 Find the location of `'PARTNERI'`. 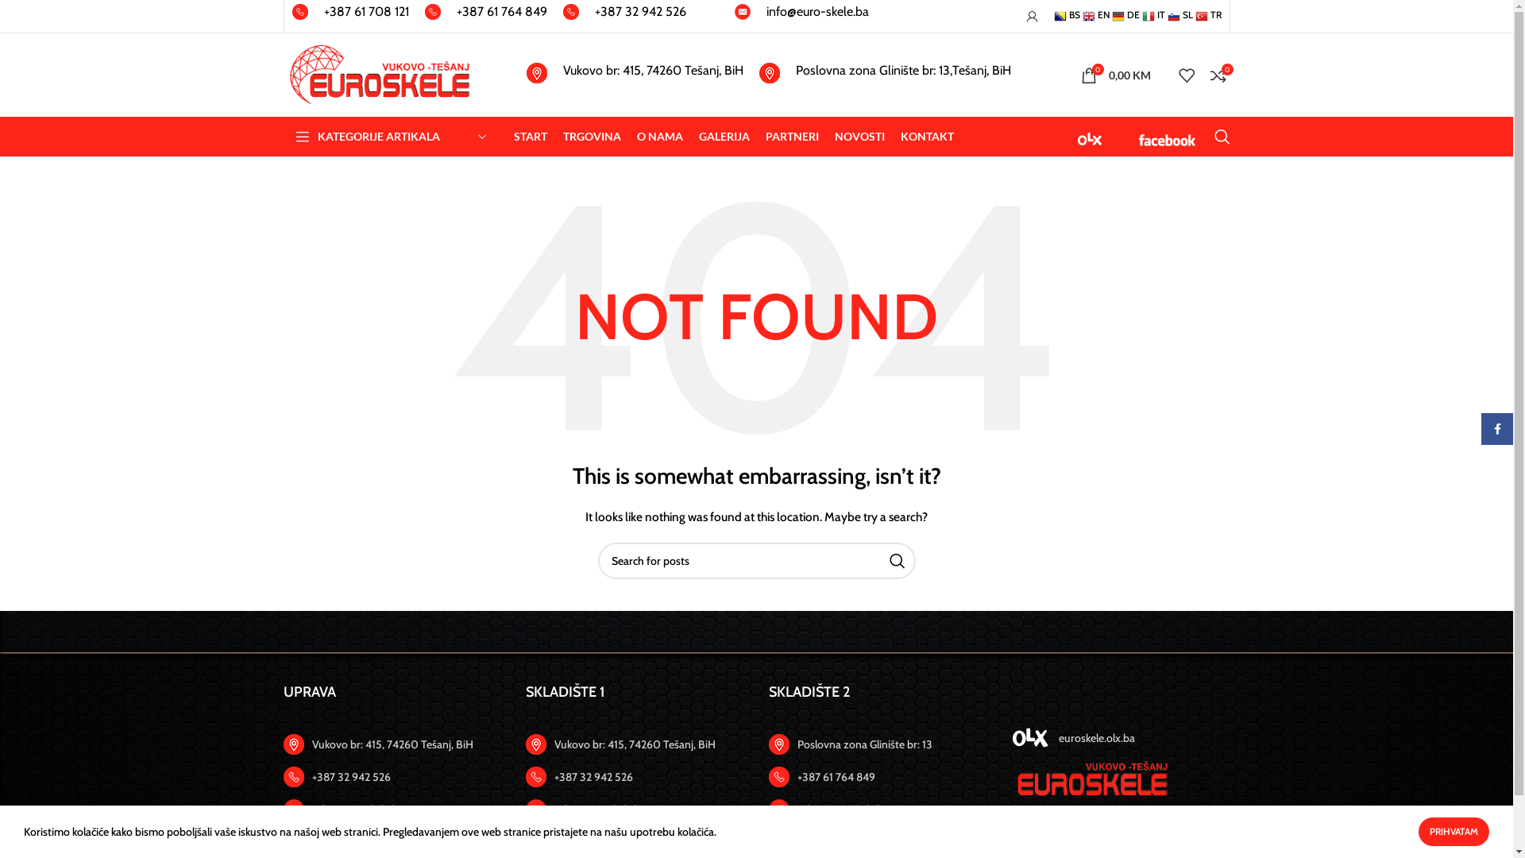

'PARTNERI' is located at coordinates (766, 136).